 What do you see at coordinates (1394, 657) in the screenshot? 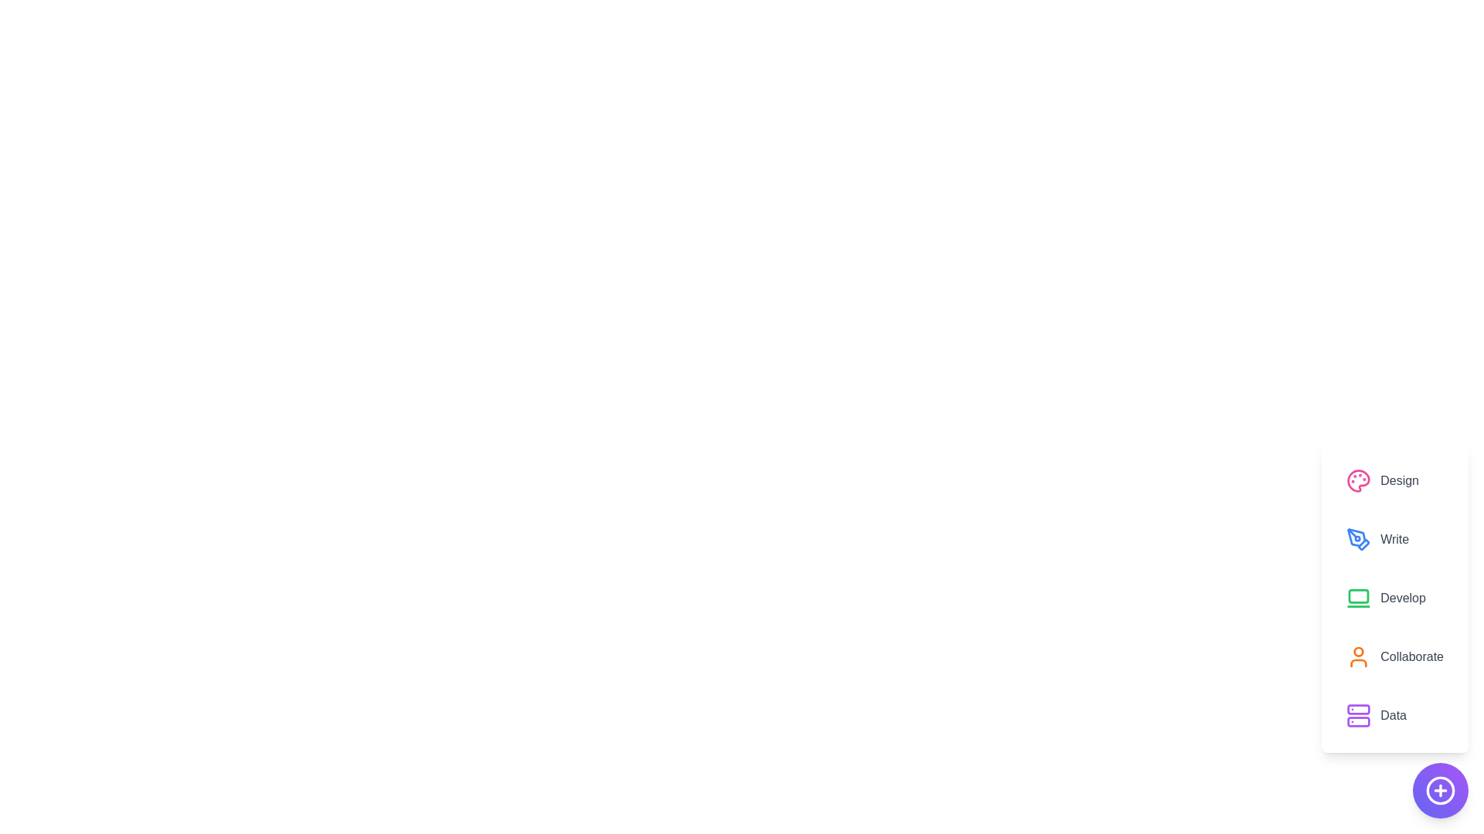
I see `the option Collaborate from the displayed options` at bounding box center [1394, 657].